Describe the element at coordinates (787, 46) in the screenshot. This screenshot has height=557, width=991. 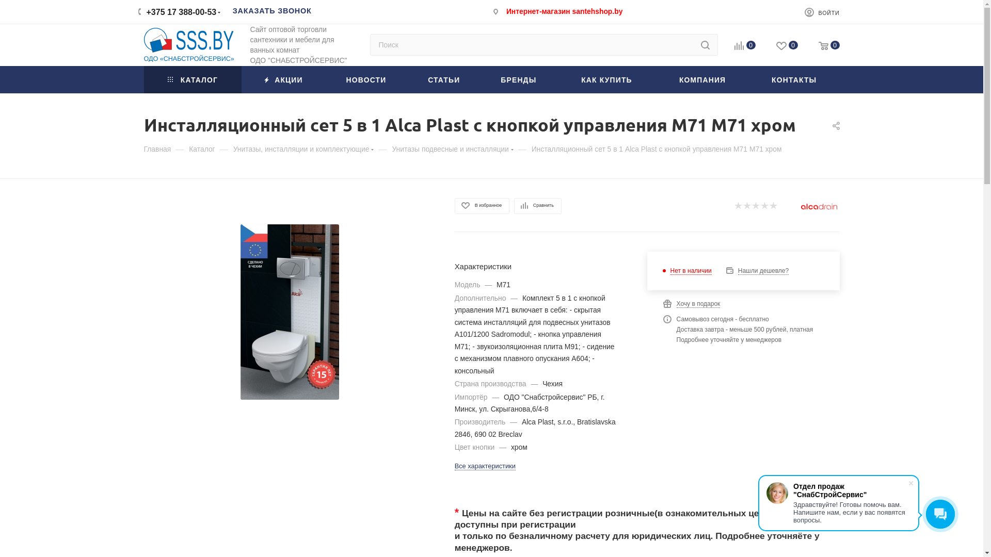
I see `'0'` at that location.